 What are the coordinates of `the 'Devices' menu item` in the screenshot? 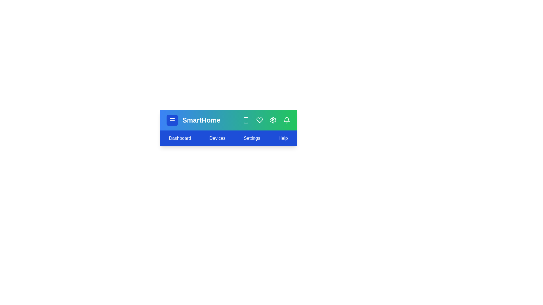 It's located at (217, 138).